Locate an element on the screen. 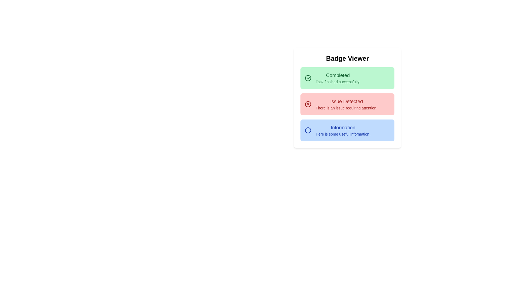 Image resolution: width=523 pixels, height=294 pixels. the header text of the alert located in the second section of the main interface, which has a red background and is positioned above the descriptive text 'There is an issue requiring attention.' is located at coordinates (346, 102).